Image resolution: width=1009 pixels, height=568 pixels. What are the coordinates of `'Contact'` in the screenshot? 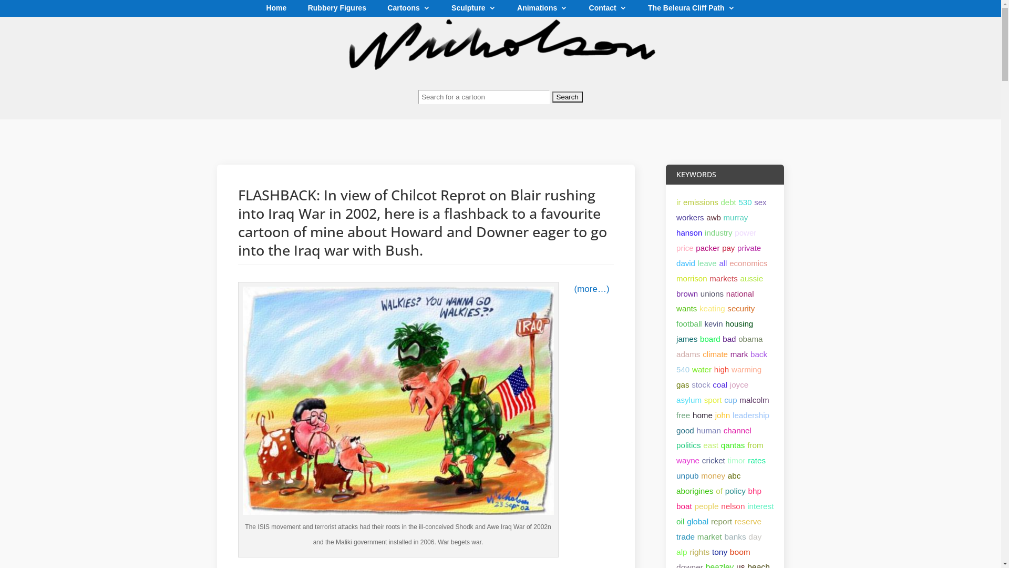 It's located at (608, 11).